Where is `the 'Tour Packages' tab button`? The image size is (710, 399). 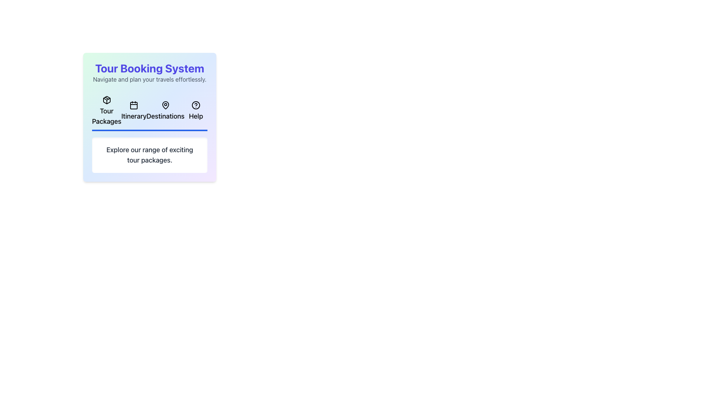 the 'Tour Packages' tab button is located at coordinates (106, 112).